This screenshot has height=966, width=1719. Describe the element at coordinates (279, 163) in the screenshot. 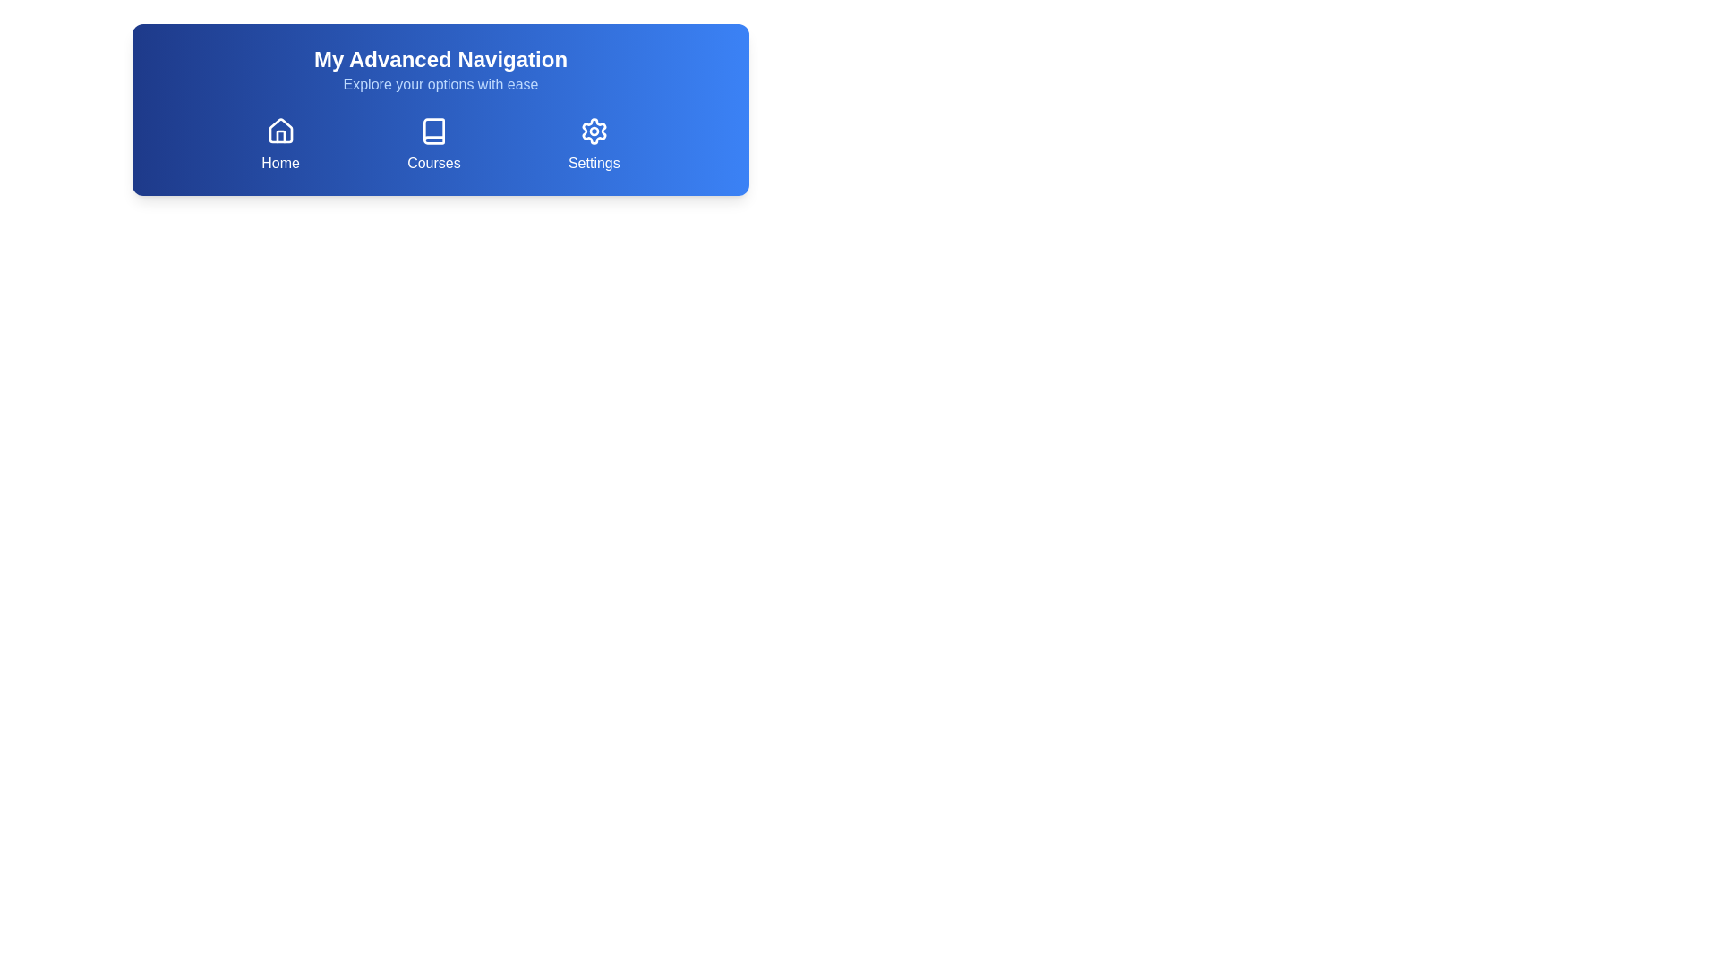

I see `text label that indicates the 'Home' section of the navigation bar, which is located below the house icon` at that location.